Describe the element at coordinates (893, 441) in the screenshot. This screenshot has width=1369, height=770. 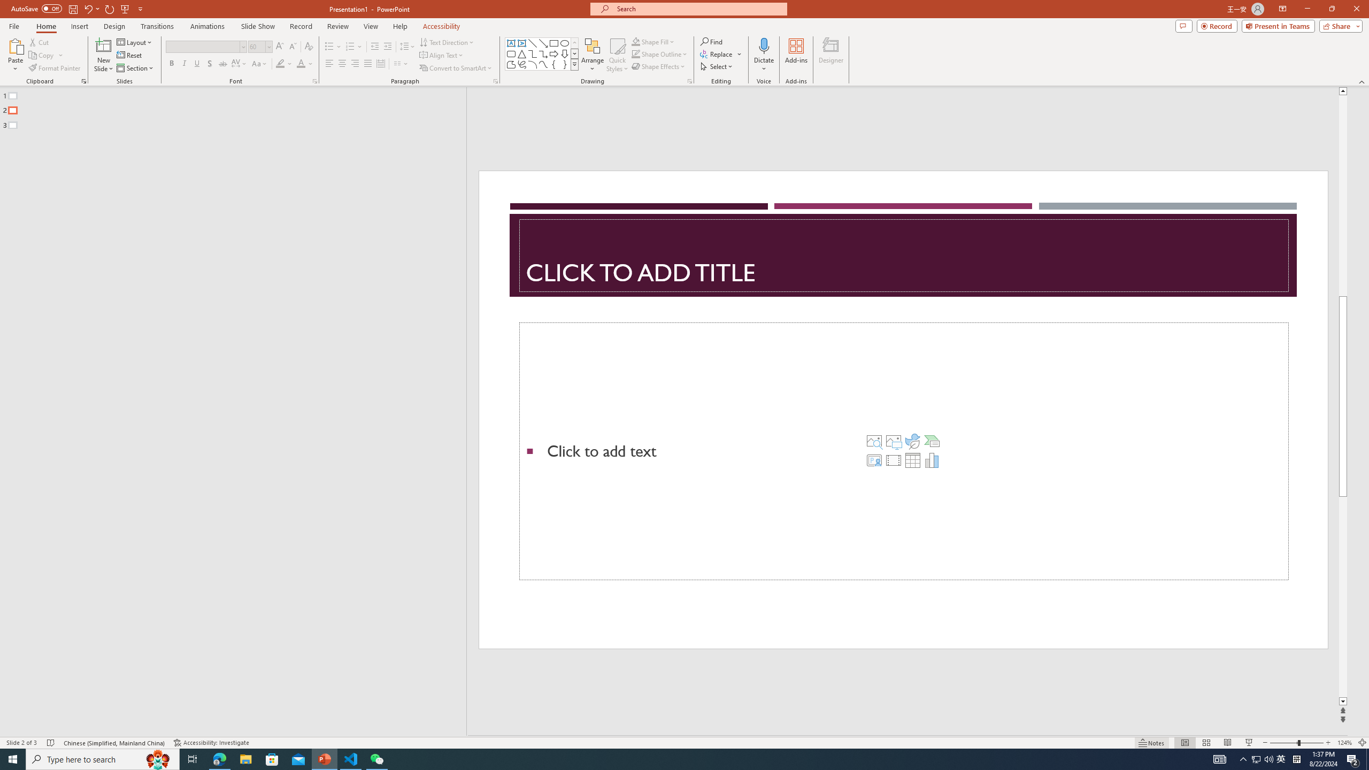
I see `'Pictures'` at that location.